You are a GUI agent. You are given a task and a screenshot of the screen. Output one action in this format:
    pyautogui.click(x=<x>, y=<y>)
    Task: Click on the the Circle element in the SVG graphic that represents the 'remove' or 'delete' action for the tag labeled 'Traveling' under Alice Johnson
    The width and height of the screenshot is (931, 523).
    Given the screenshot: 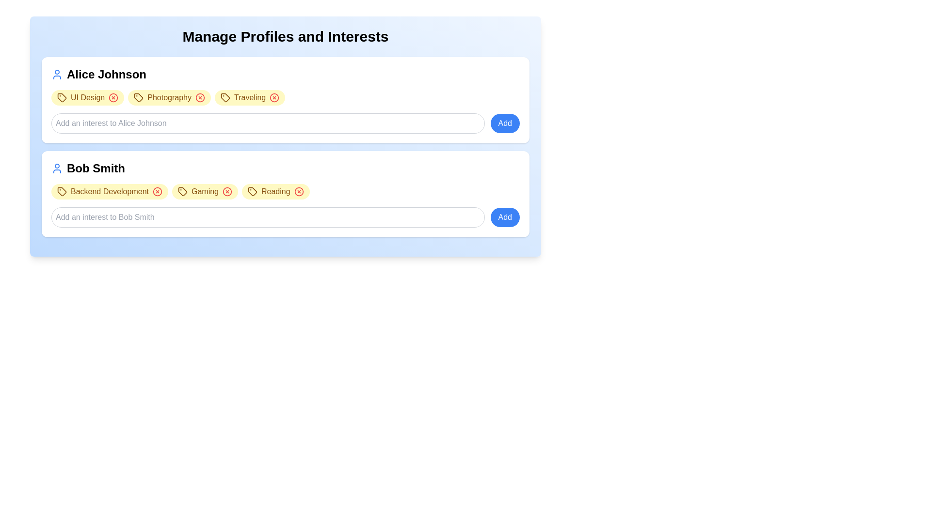 What is the action you would take?
    pyautogui.click(x=274, y=97)
    